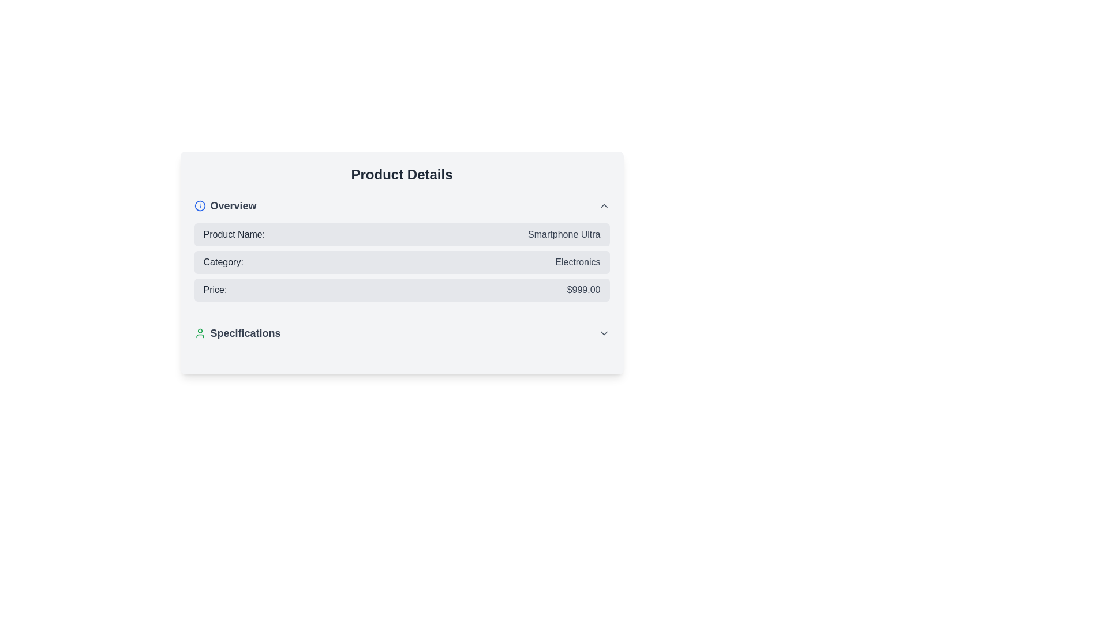 This screenshot has width=1108, height=623. Describe the element at coordinates (578, 262) in the screenshot. I see `the 'Electronics' text label that indicates the product category, positioned to the right of the 'Category:' label` at that location.